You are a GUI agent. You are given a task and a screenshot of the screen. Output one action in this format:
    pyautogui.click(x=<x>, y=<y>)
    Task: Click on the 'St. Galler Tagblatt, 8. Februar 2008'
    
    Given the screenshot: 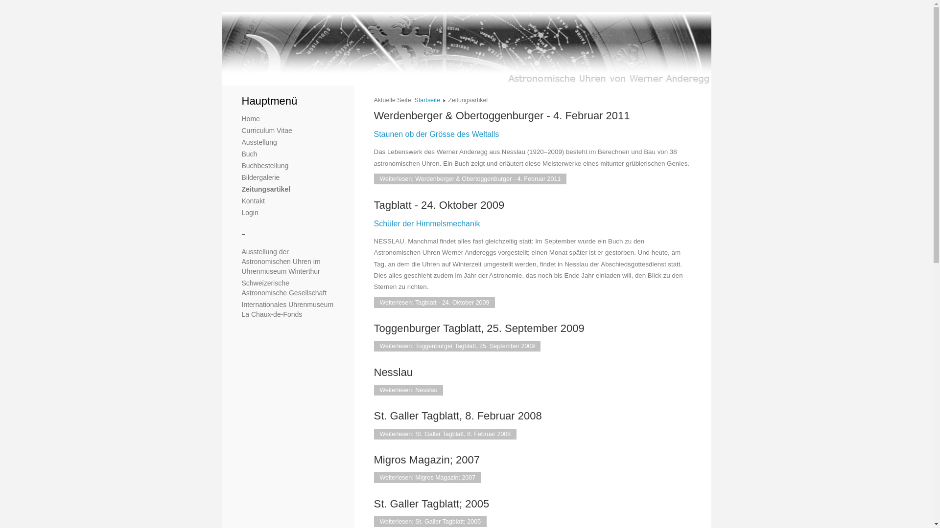 What is the action you would take?
    pyautogui.click(x=457, y=416)
    